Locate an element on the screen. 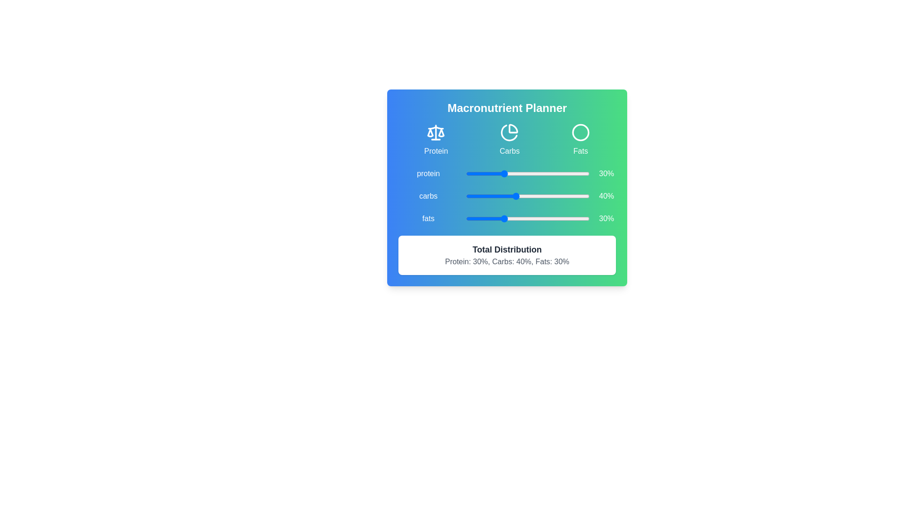 The image size is (900, 506). the fats slider is located at coordinates (513, 218).